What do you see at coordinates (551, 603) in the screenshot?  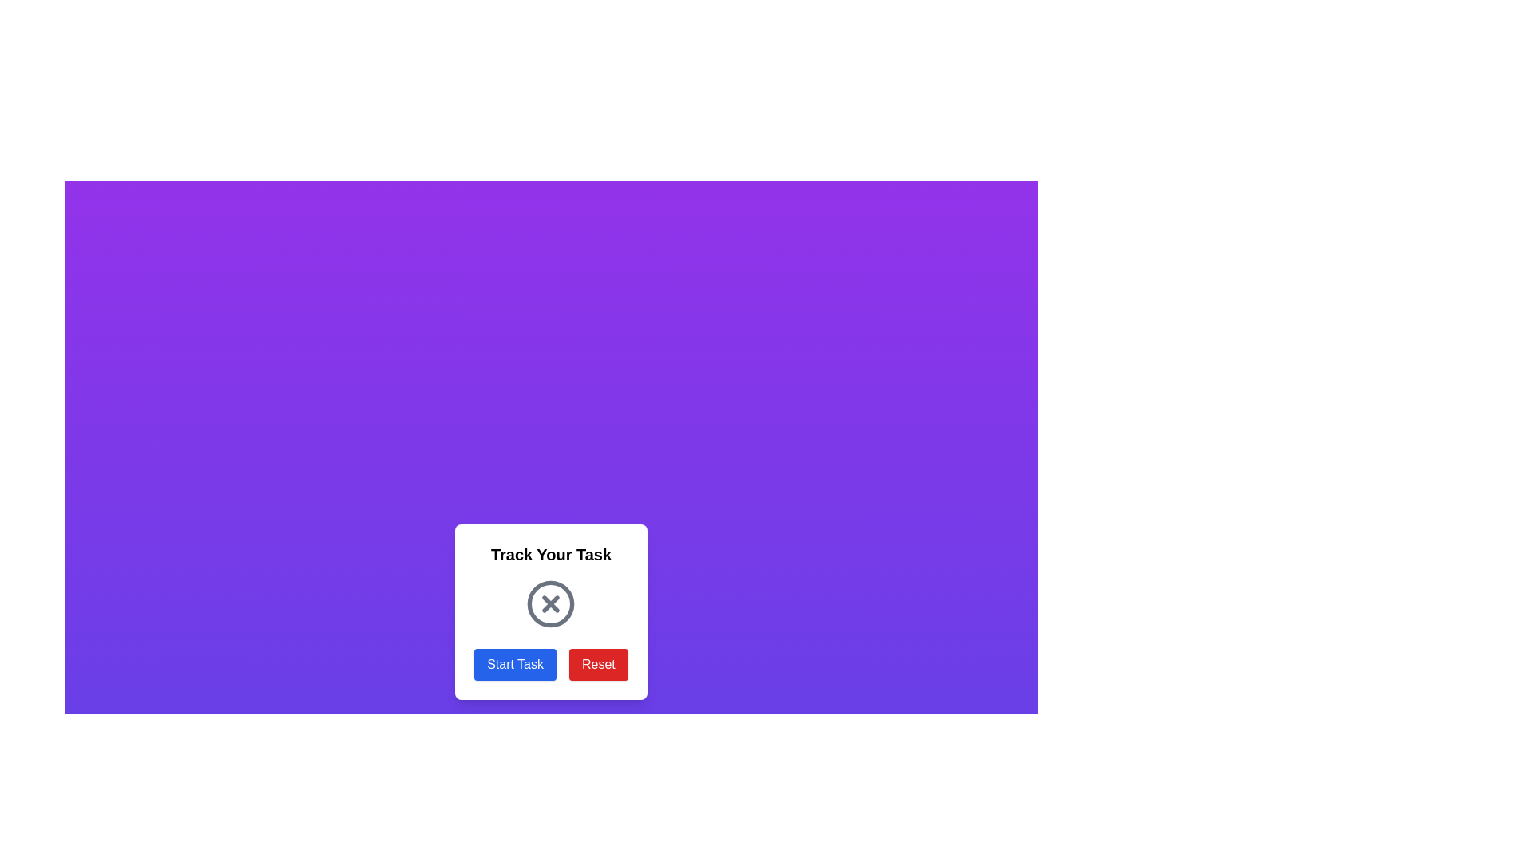 I see `the icon located below the heading 'Track Your Task' and above the buttons 'Start Task' and 'Reset'. This icon is likely indicating a cancel or close action` at bounding box center [551, 603].